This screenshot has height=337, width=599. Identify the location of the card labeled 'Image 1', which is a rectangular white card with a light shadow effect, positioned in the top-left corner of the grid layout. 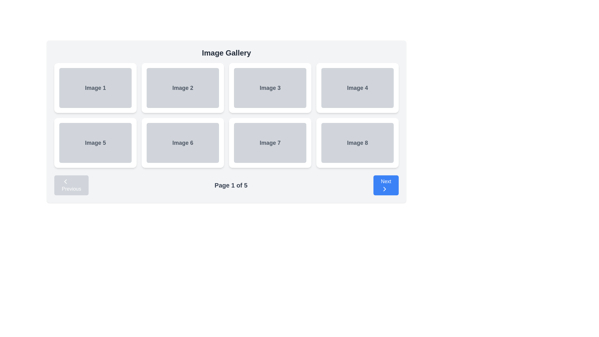
(95, 88).